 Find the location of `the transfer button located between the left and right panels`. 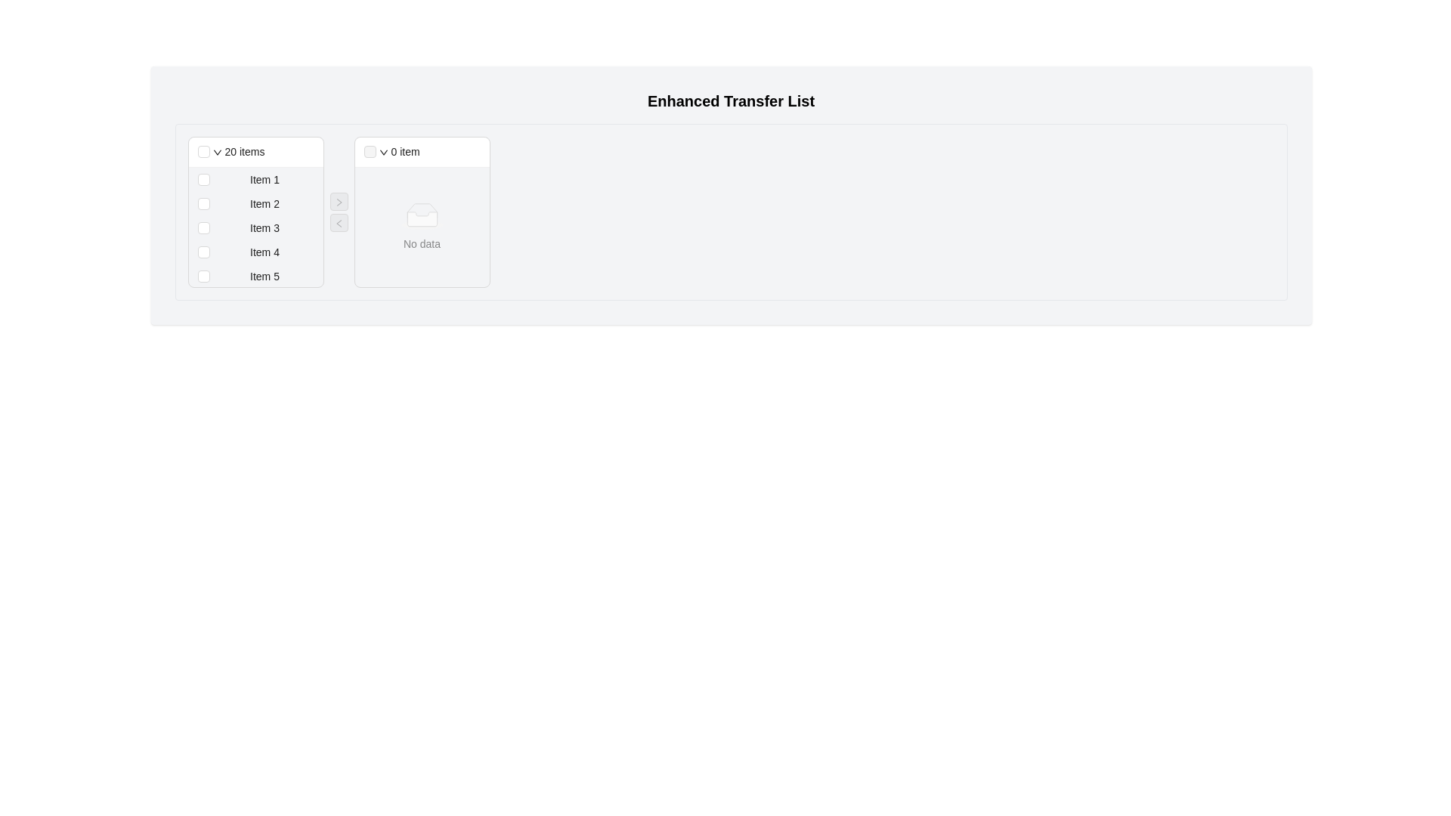

the transfer button located between the left and right panels is located at coordinates (338, 200).